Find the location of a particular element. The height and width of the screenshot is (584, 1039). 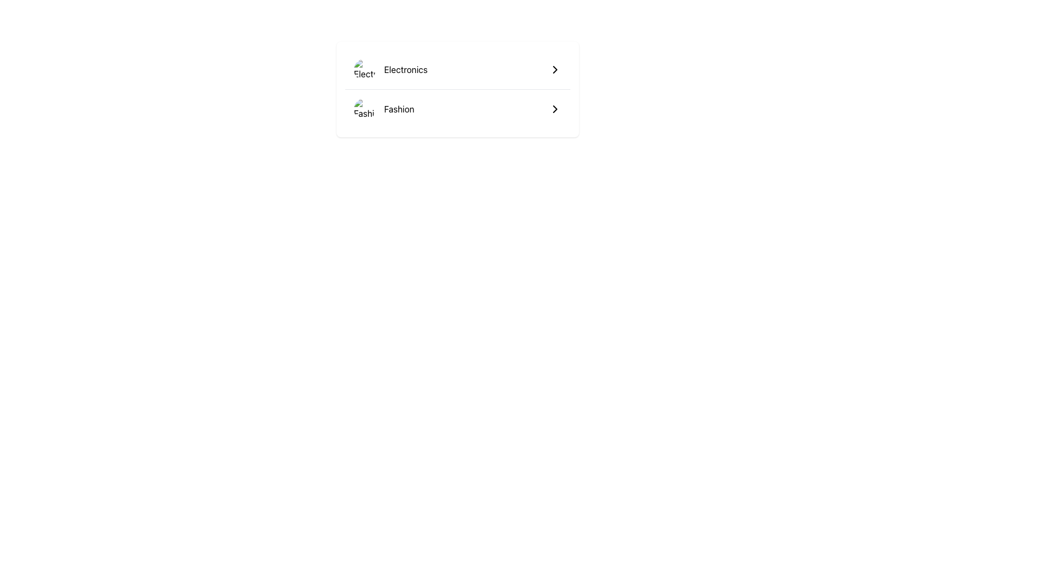

the navigational button/icon located to the right of the 'Electronics' text label is located at coordinates (555, 69).